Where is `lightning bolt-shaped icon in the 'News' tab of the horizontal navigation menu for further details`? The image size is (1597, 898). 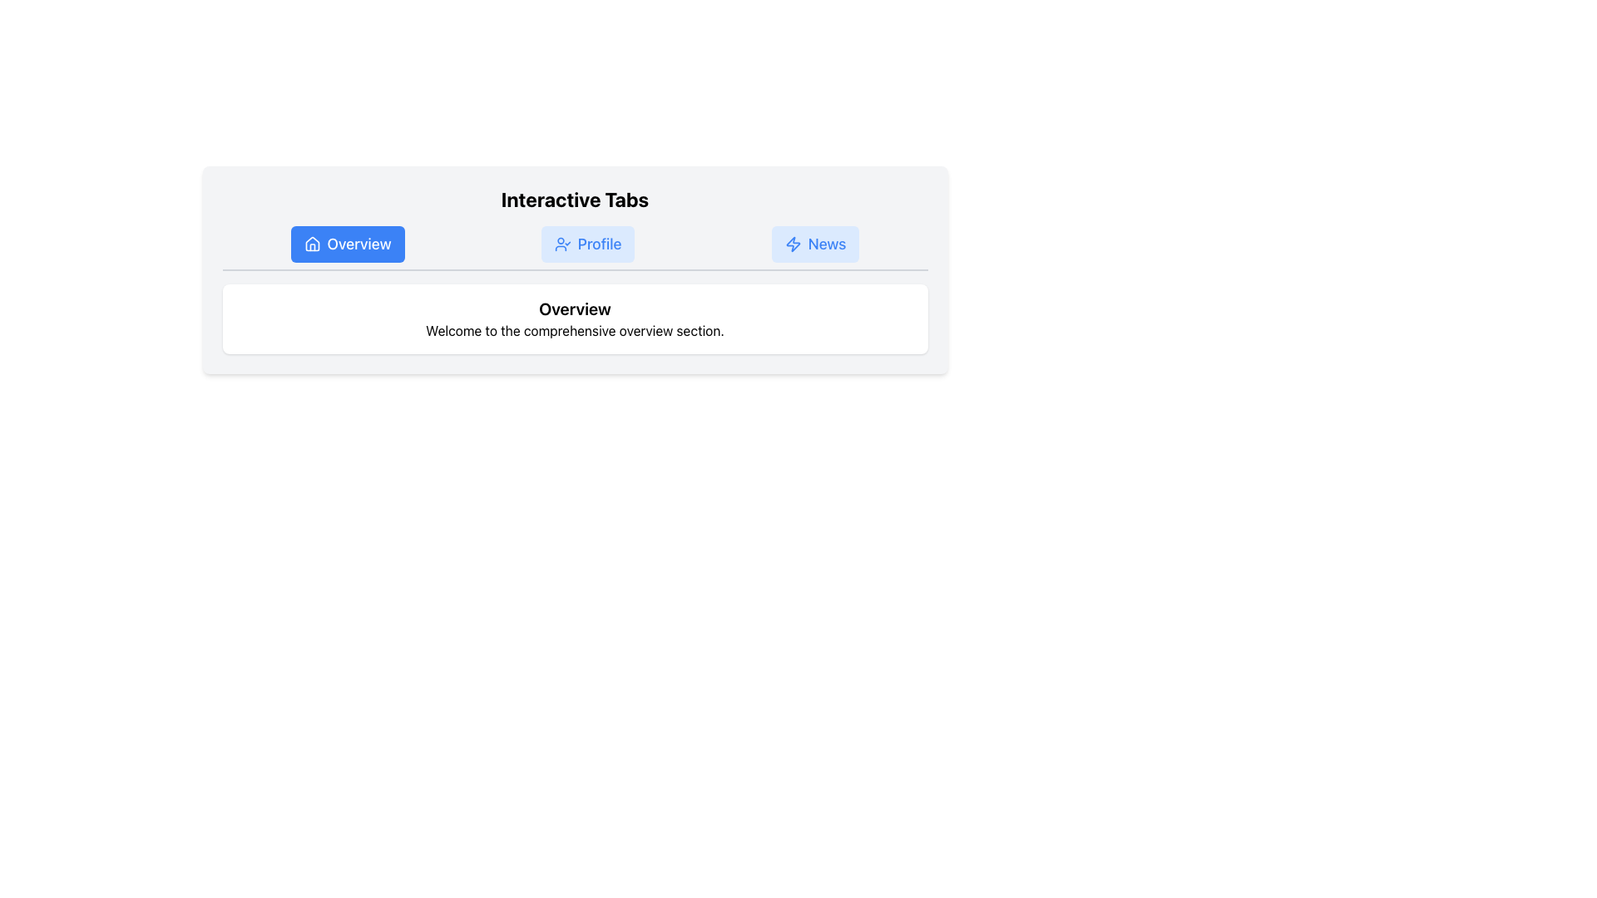
lightning bolt-shaped icon in the 'News' tab of the horizontal navigation menu for further details is located at coordinates (792, 244).